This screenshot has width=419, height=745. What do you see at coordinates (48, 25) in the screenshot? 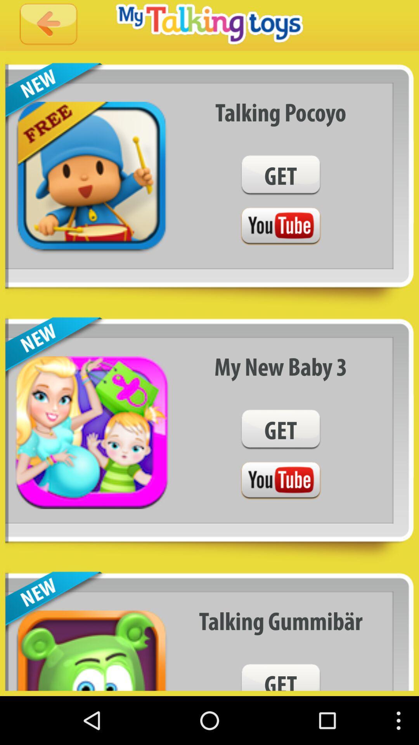
I see `go back` at bounding box center [48, 25].